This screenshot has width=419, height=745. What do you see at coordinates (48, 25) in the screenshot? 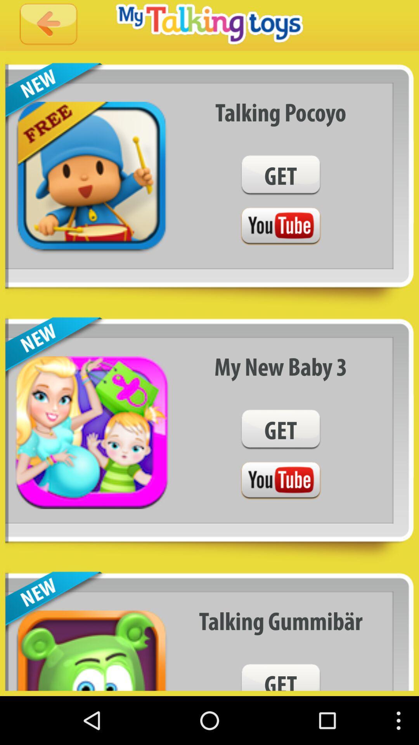
I see `go back` at bounding box center [48, 25].